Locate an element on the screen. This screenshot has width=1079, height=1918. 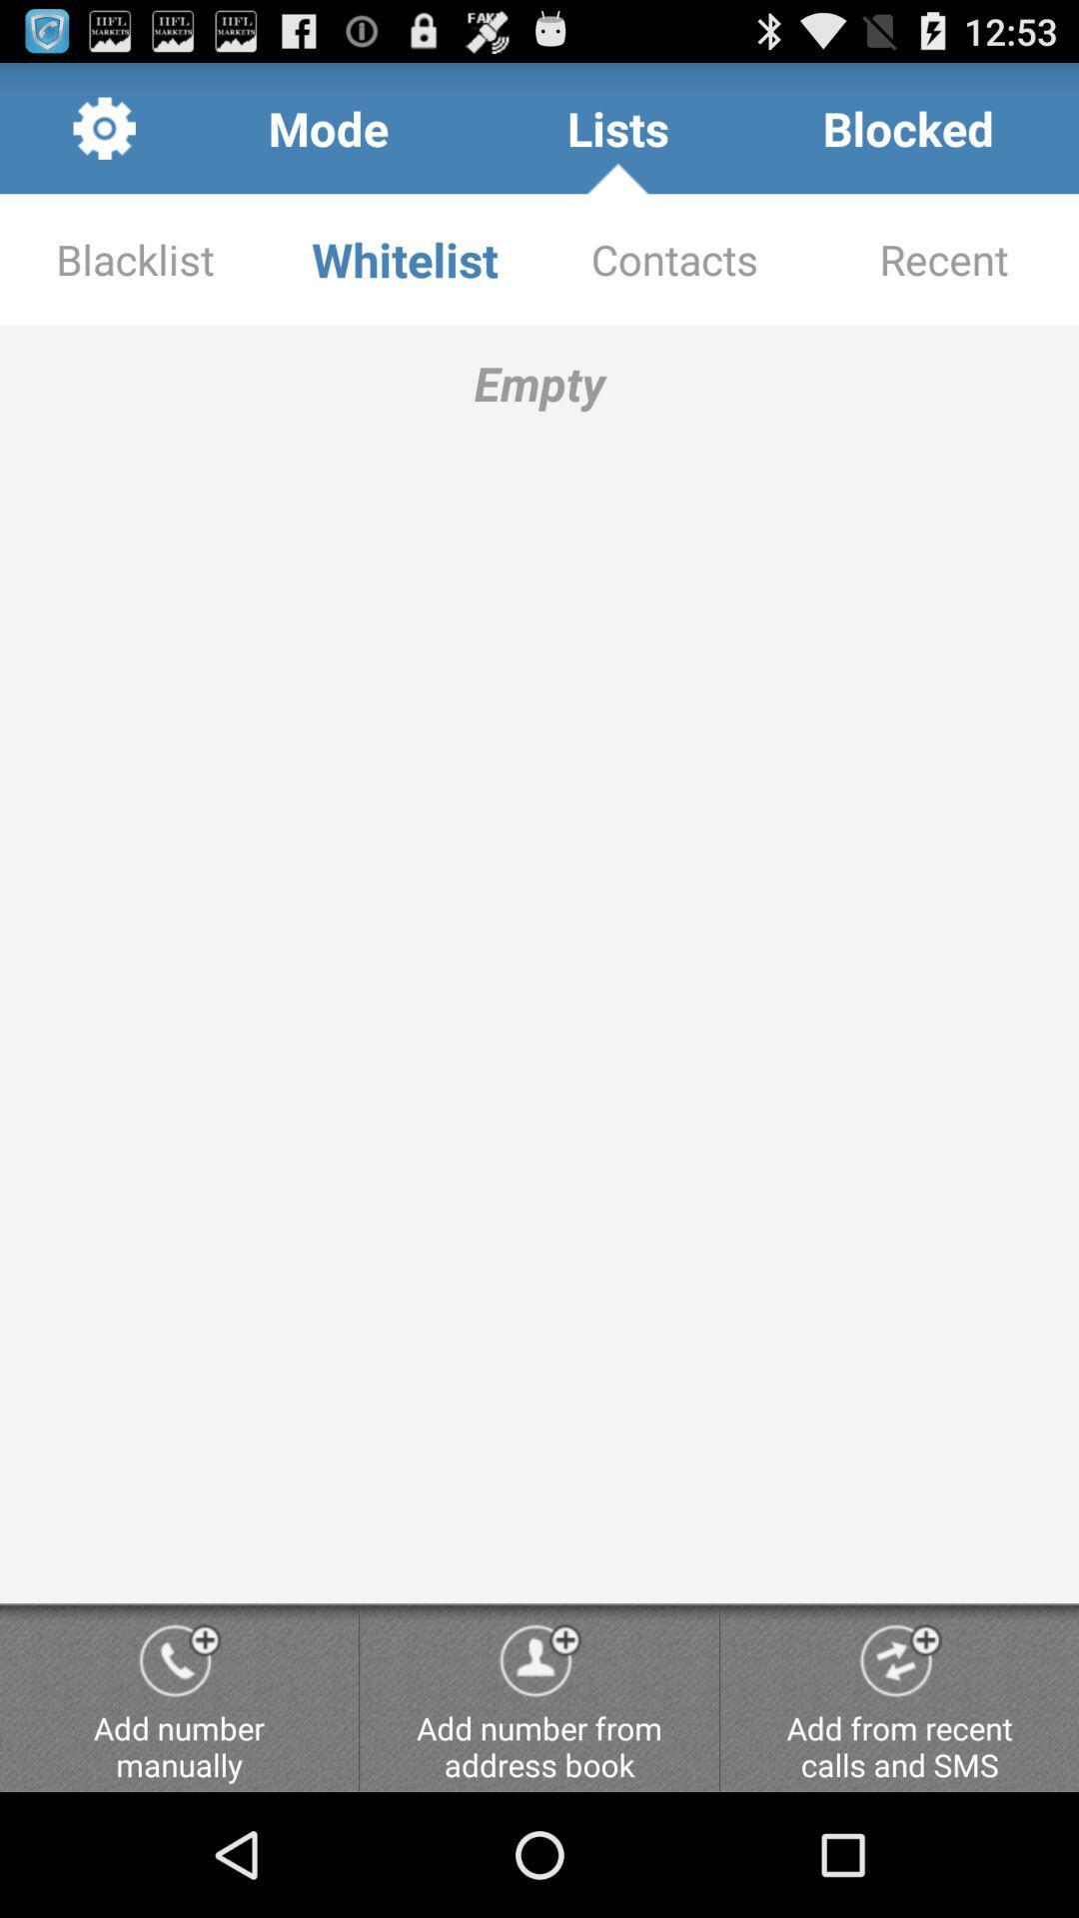
app next to the contacts item is located at coordinates (405, 258).